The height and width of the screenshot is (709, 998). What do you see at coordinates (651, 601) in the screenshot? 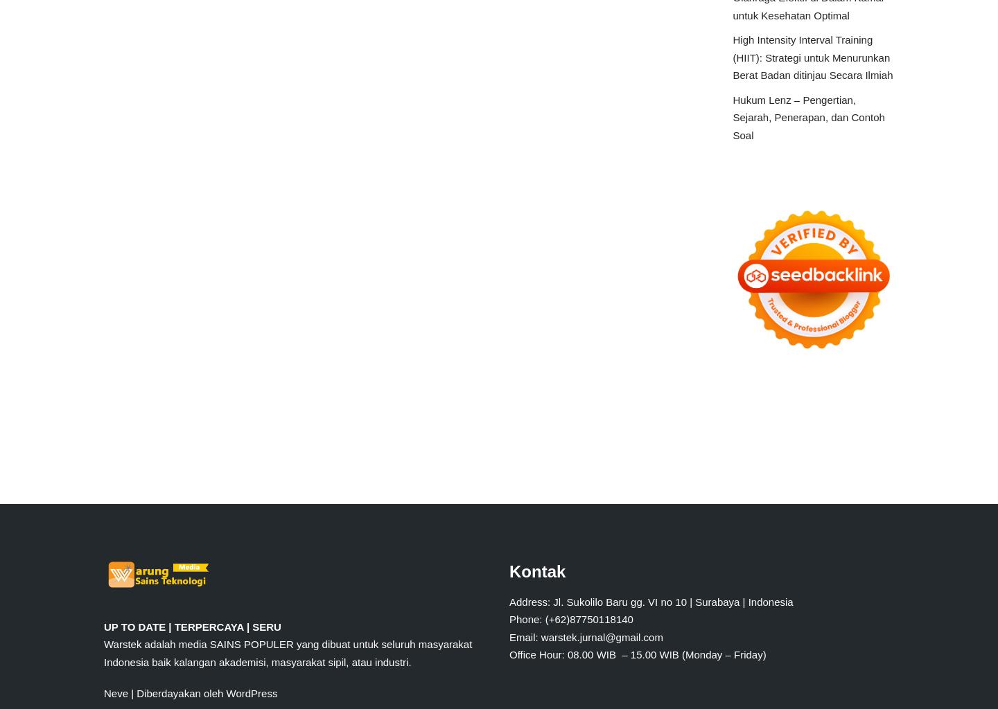
I see `'Address: Jl. Sukolilo Baru gg. VI no 10 | Surabaya | Indonesia'` at bounding box center [651, 601].